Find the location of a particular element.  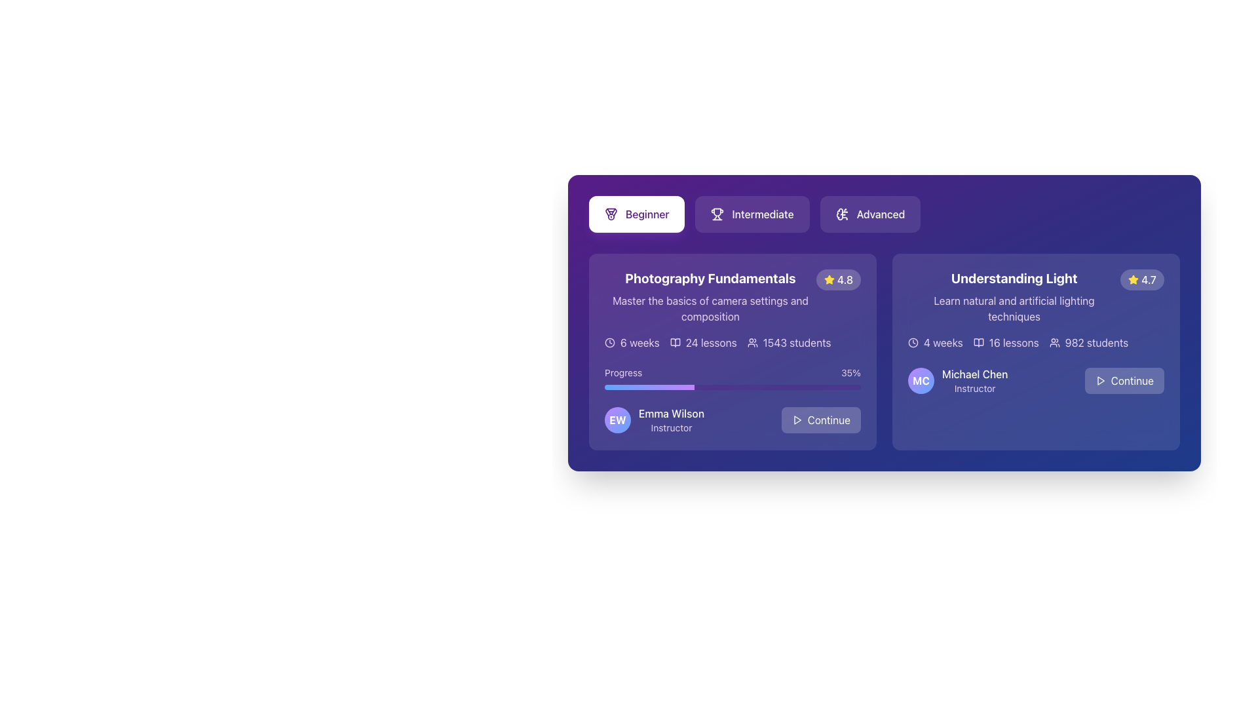

the static text displaying the number of students currently enrolled in the course 'Understanding Light' which is adjacent to the group icon in the second column of the course card is located at coordinates (1096, 342).